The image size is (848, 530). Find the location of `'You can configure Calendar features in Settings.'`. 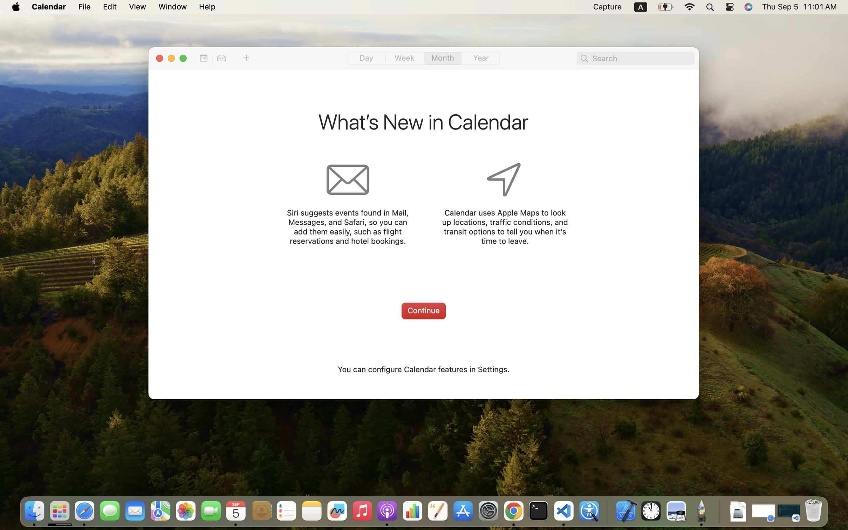

'You can configure Calendar features in Settings.' is located at coordinates (423, 369).